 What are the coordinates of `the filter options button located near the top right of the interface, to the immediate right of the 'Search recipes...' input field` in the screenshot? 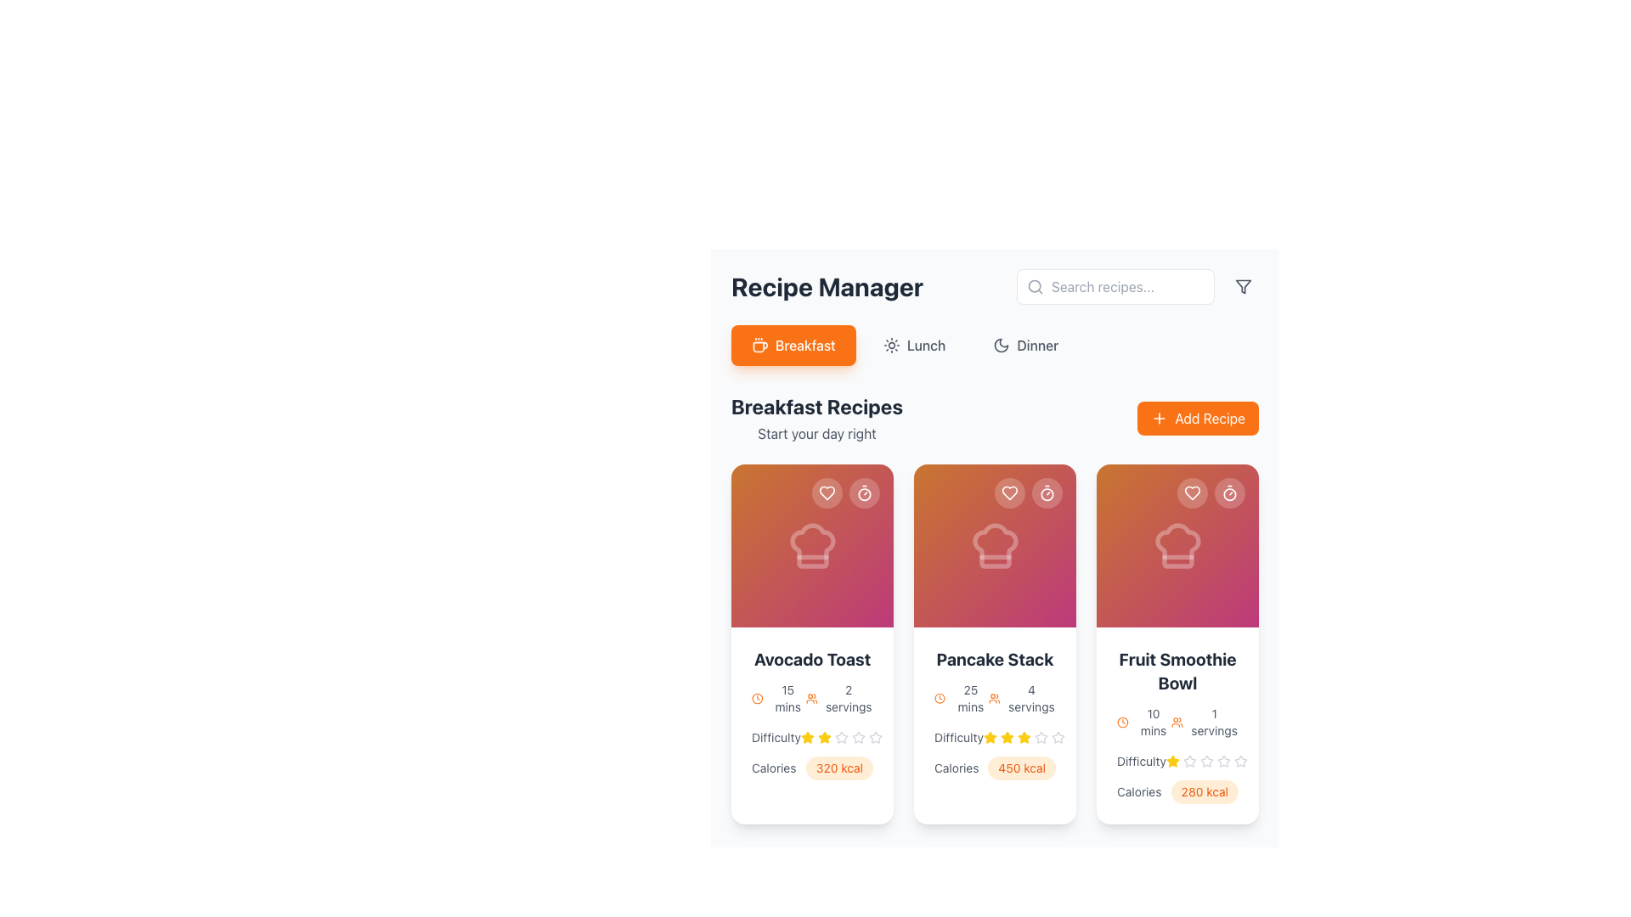 It's located at (1244, 286).